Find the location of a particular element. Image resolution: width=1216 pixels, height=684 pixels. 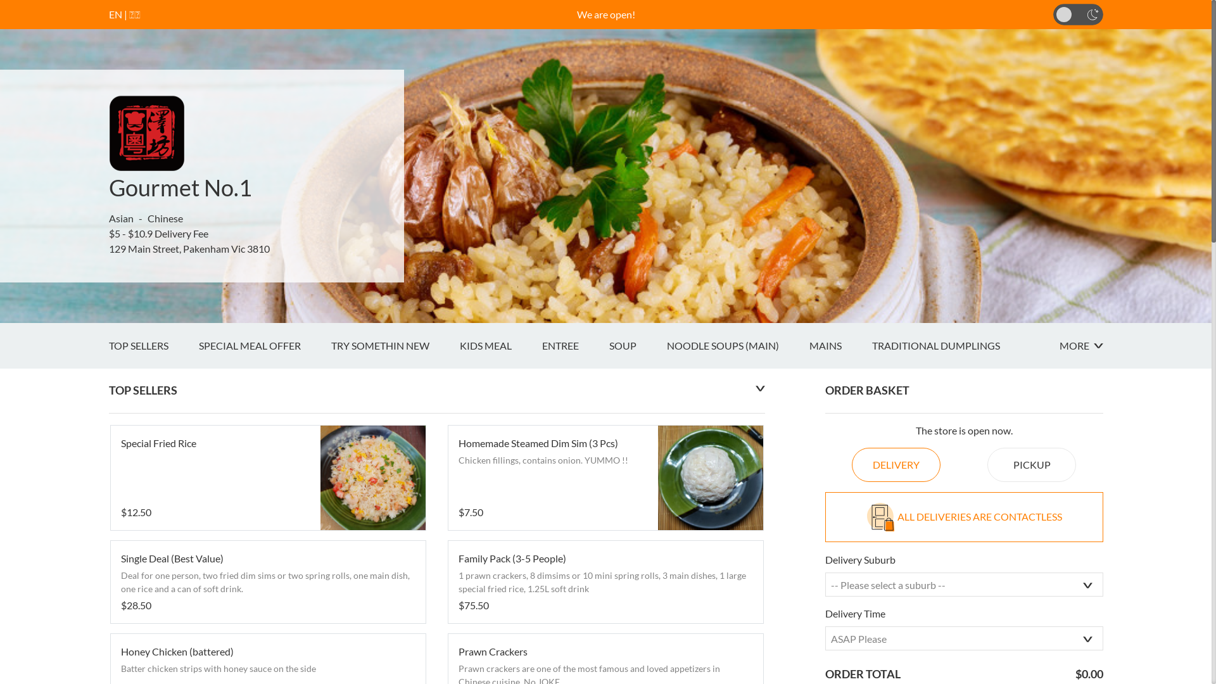

'PICKUP' is located at coordinates (1031, 464).